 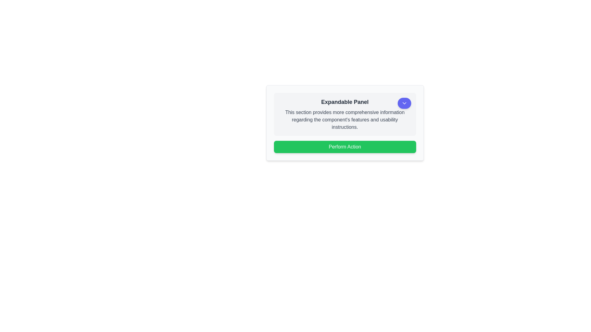 What do you see at coordinates (404, 103) in the screenshot?
I see `the interactive button located in the top-right corner of the 'Expandable Panel'` at bounding box center [404, 103].